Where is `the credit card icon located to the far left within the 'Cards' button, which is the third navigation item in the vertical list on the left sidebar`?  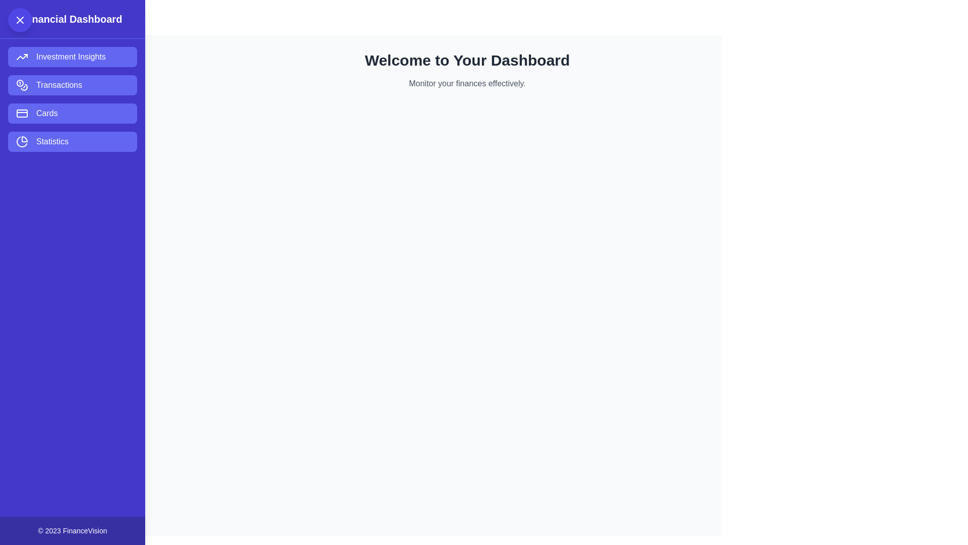
the credit card icon located to the far left within the 'Cards' button, which is the third navigation item in the vertical list on the left sidebar is located at coordinates (22, 113).